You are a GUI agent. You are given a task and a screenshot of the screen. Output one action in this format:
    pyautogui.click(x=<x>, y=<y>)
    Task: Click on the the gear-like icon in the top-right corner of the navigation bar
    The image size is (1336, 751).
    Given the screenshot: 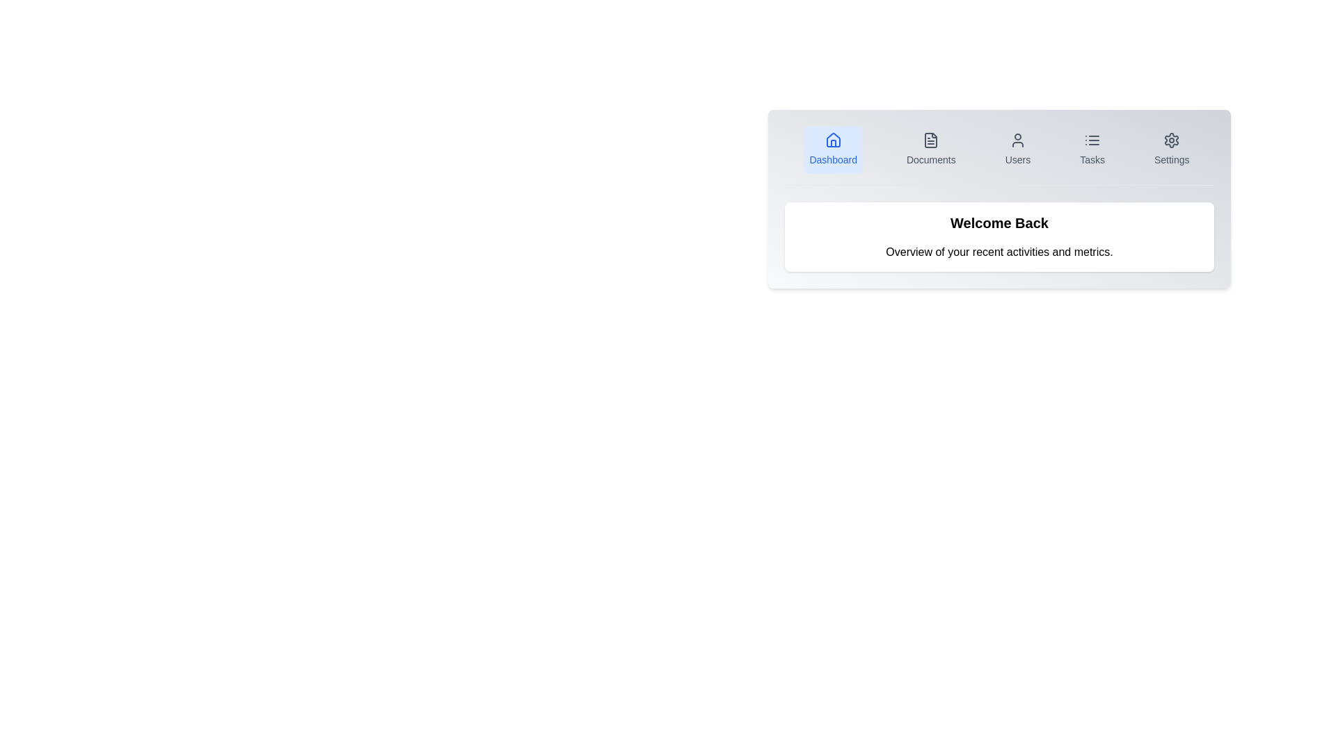 What is the action you would take?
    pyautogui.click(x=1171, y=140)
    